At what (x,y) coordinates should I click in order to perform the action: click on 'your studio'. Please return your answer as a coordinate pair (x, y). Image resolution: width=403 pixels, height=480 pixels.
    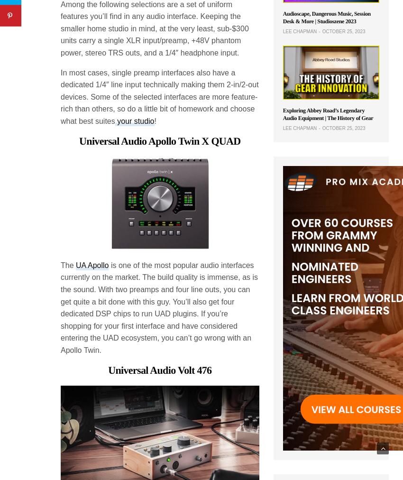
    Looking at the image, I should click on (134, 120).